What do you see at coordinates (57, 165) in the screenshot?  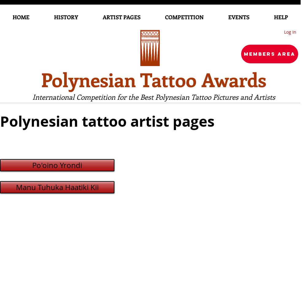 I see `'Po'oino Yrondi'` at bounding box center [57, 165].